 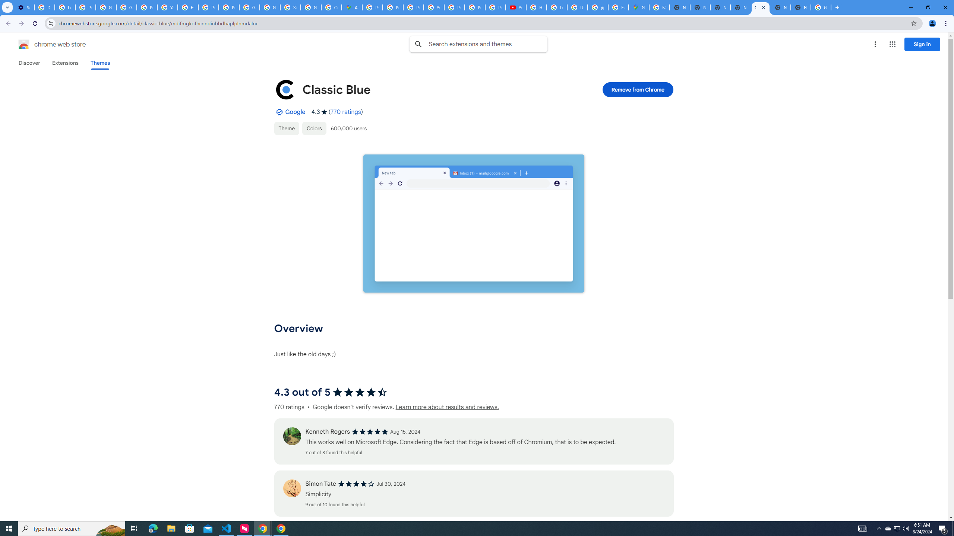 I want to click on 'Themes', so click(x=100, y=63).